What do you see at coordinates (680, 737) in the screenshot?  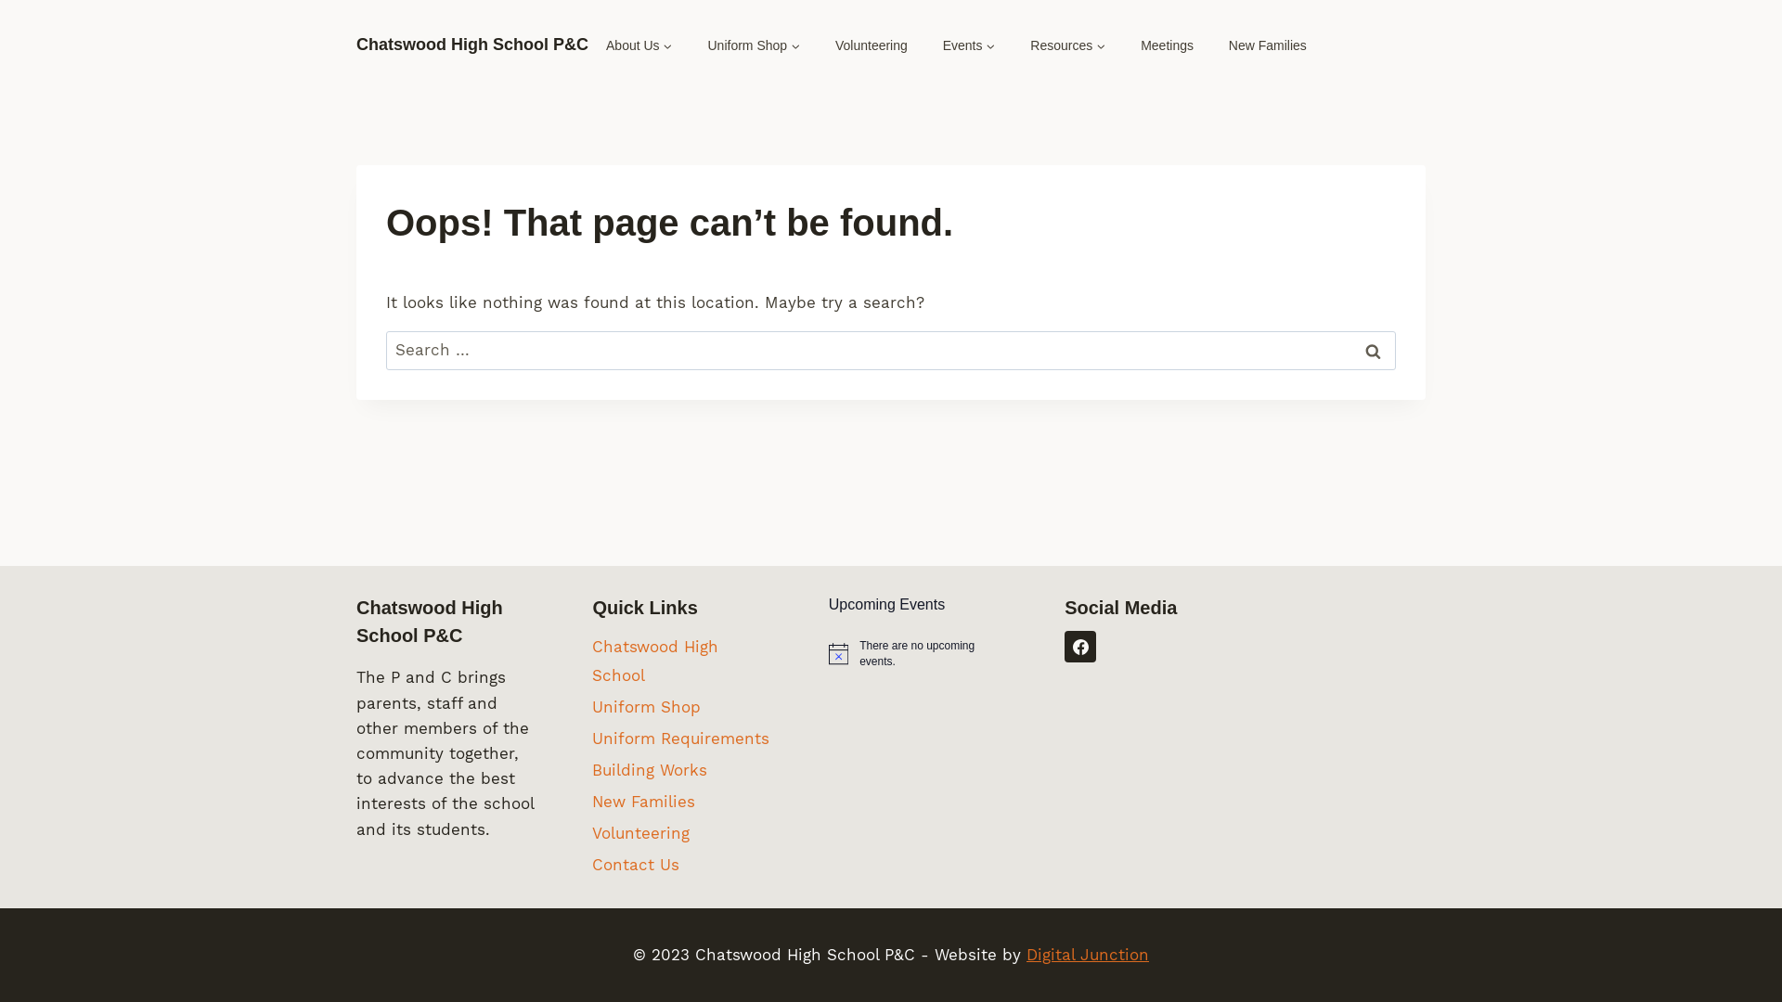 I see `'Uniform Requirements'` at bounding box center [680, 737].